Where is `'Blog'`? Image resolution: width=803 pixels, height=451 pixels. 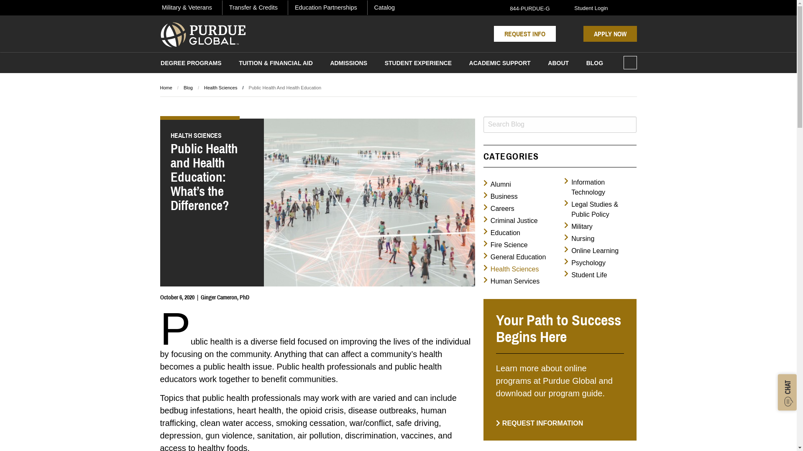 'Blog' is located at coordinates (188, 87).